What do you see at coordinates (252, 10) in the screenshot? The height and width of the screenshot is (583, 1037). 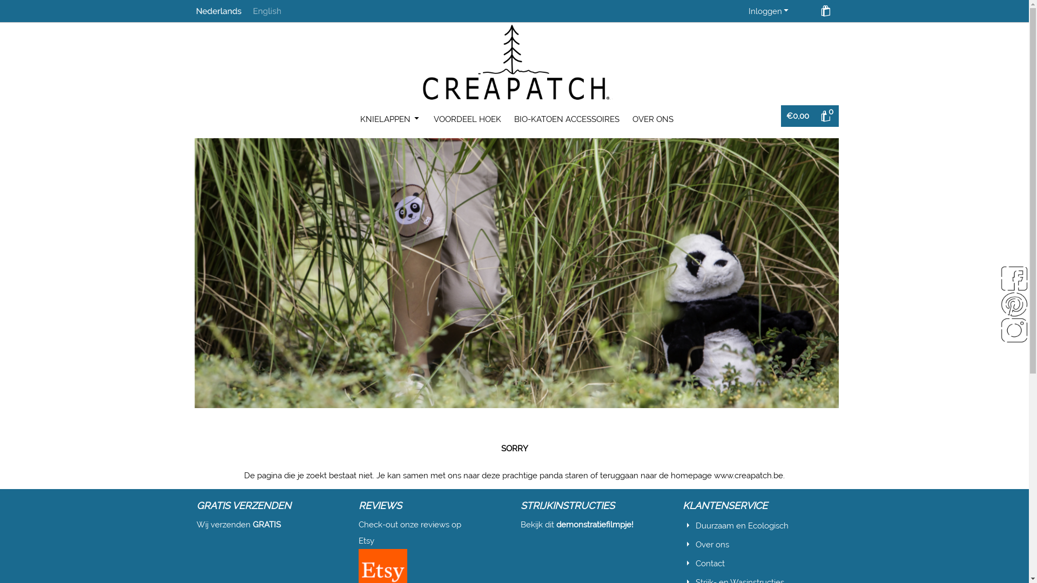 I see `'English'` at bounding box center [252, 10].